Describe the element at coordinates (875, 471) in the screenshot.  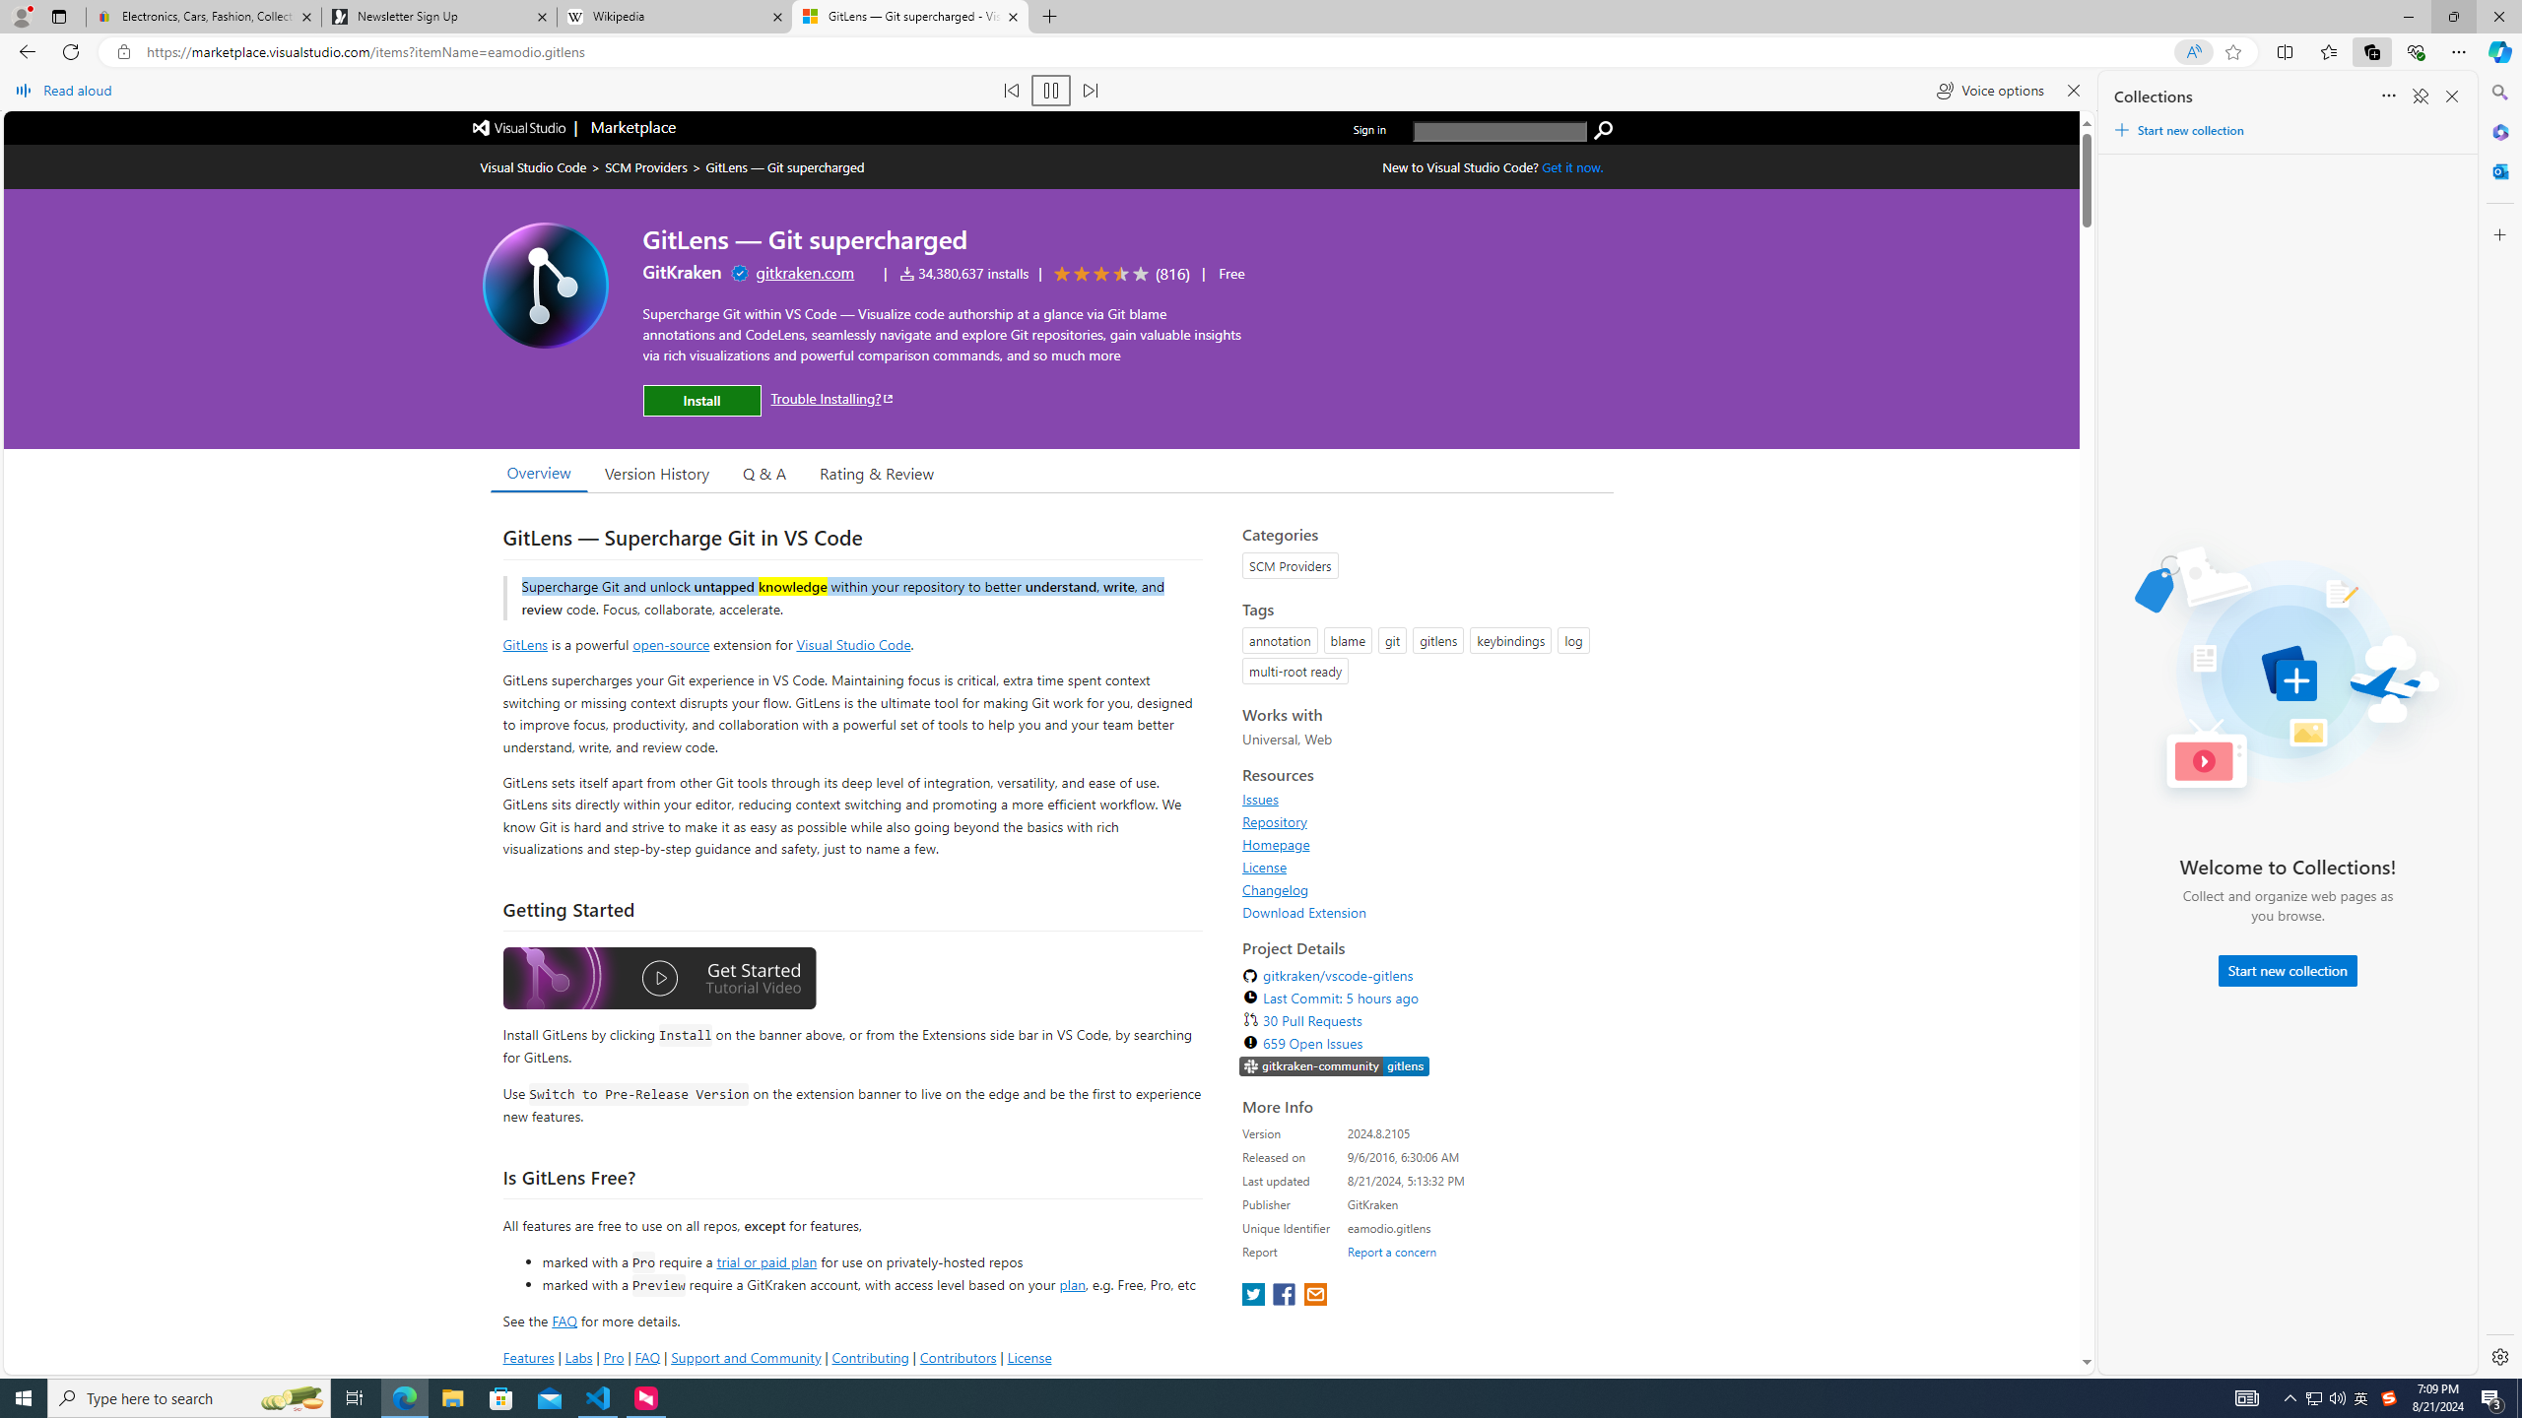
I see `'Rating & Review'` at that location.